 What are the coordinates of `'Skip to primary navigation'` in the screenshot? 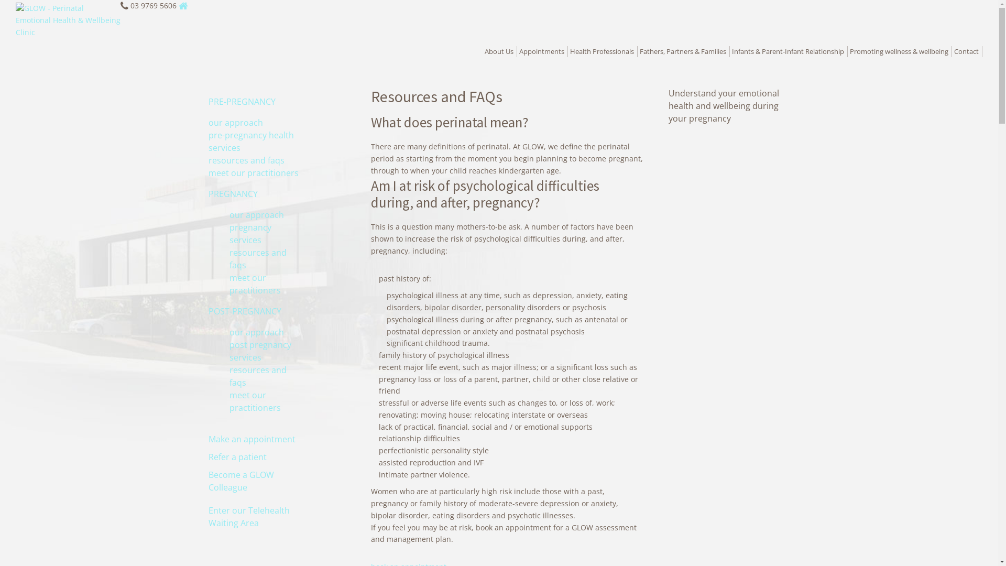 It's located at (0, 0).